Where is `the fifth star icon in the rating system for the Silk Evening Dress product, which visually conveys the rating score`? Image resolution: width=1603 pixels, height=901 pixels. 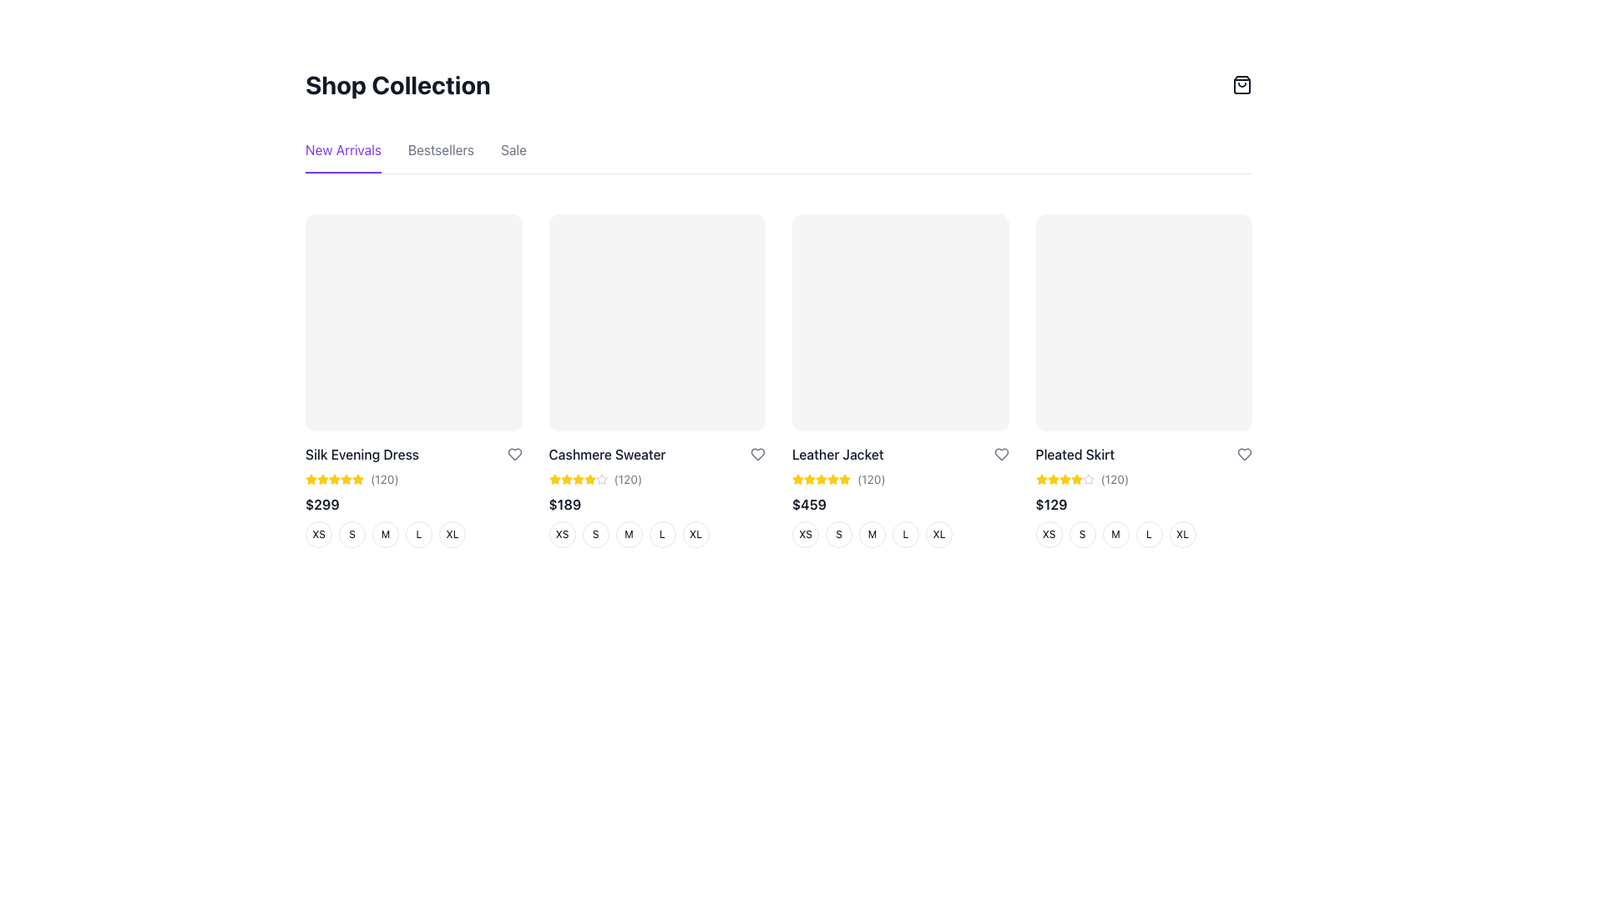 the fifth star icon in the rating system for the Silk Evening Dress product, which visually conveys the rating score is located at coordinates (334, 479).